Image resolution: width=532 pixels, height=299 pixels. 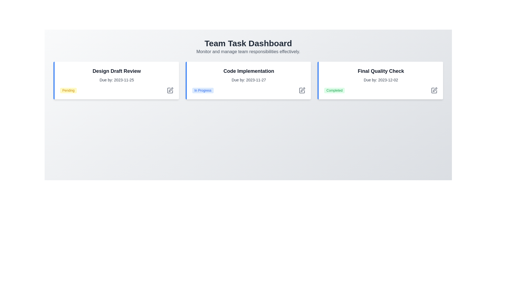 I want to click on the header or title block at the top of the page, which serves as the title and description of the page, so click(x=248, y=47).